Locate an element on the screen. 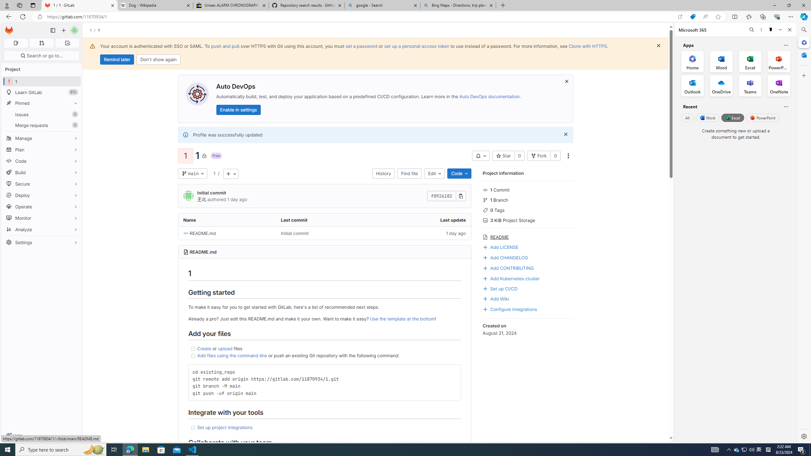  '1 1' is located at coordinates (41, 81).